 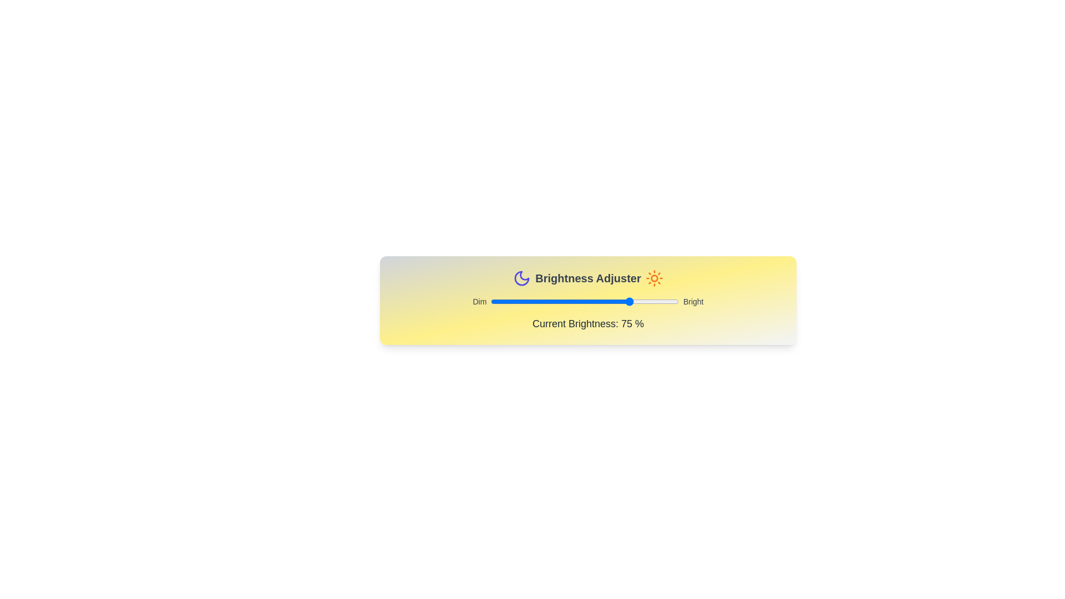 What do you see at coordinates (521, 277) in the screenshot?
I see `the Moon icon to simulate interaction` at bounding box center [521, 277].